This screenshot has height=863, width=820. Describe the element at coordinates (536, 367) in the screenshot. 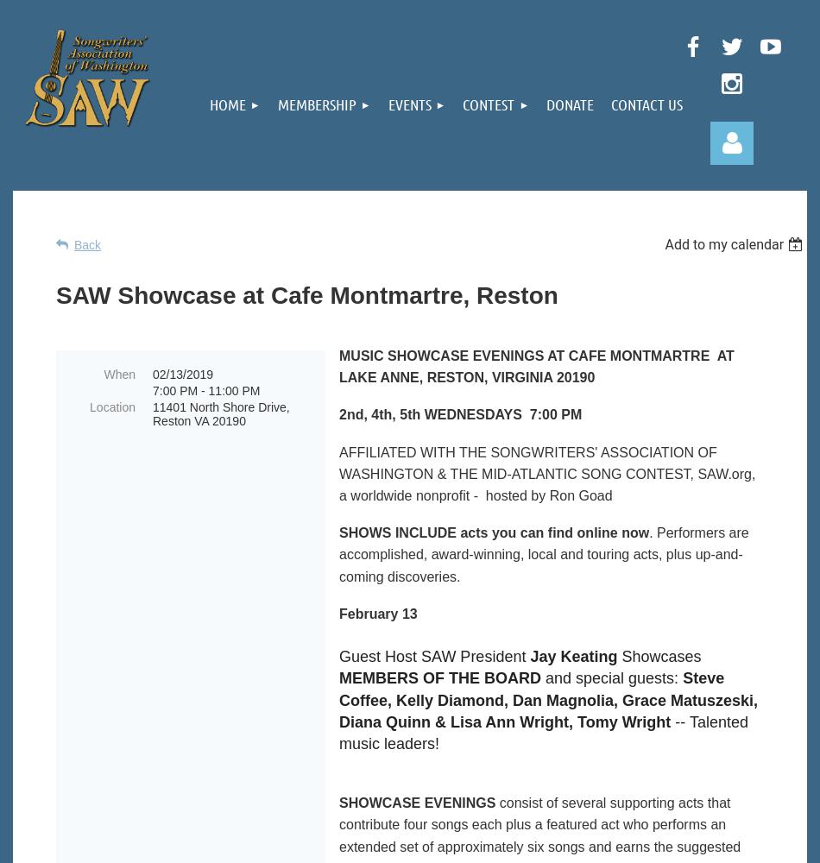

I see `'MUSIC SHOWCASE EVENINGS AT CAFE MONTMARTRE  AT LAKE ANNE, RESTON, VIRGINIA 20190'` at that location.